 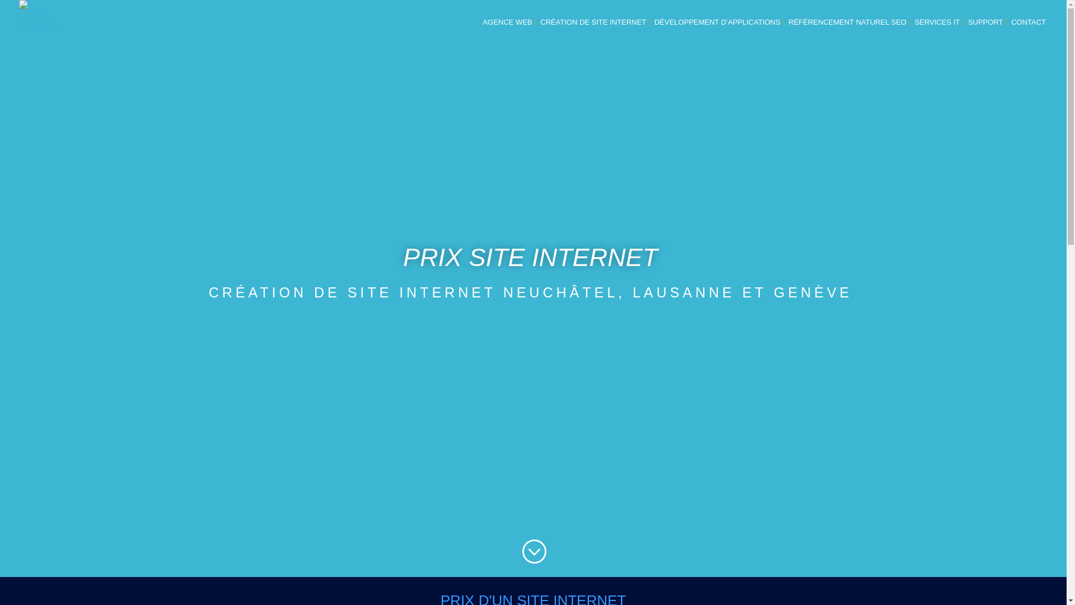 What do you see at coordinates (1029, 31) in the screenshot?
I see `'CONTACT'` at bounding box center [1029, 31].